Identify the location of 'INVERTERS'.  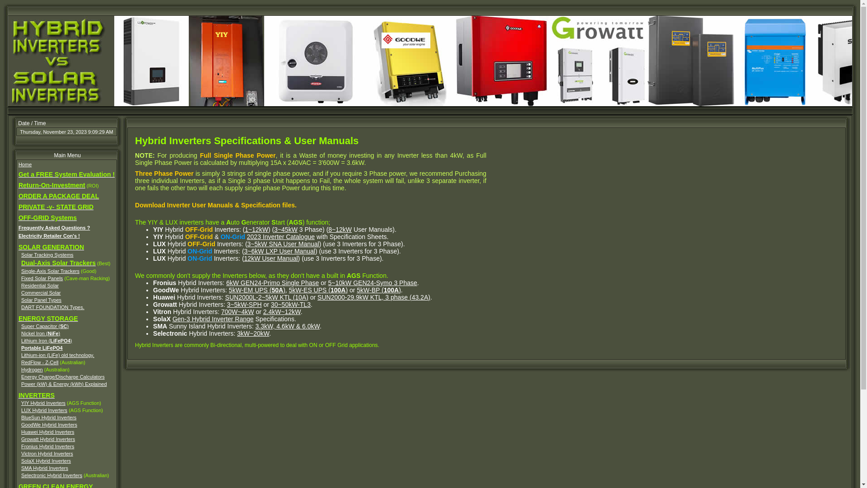
(36, 395).